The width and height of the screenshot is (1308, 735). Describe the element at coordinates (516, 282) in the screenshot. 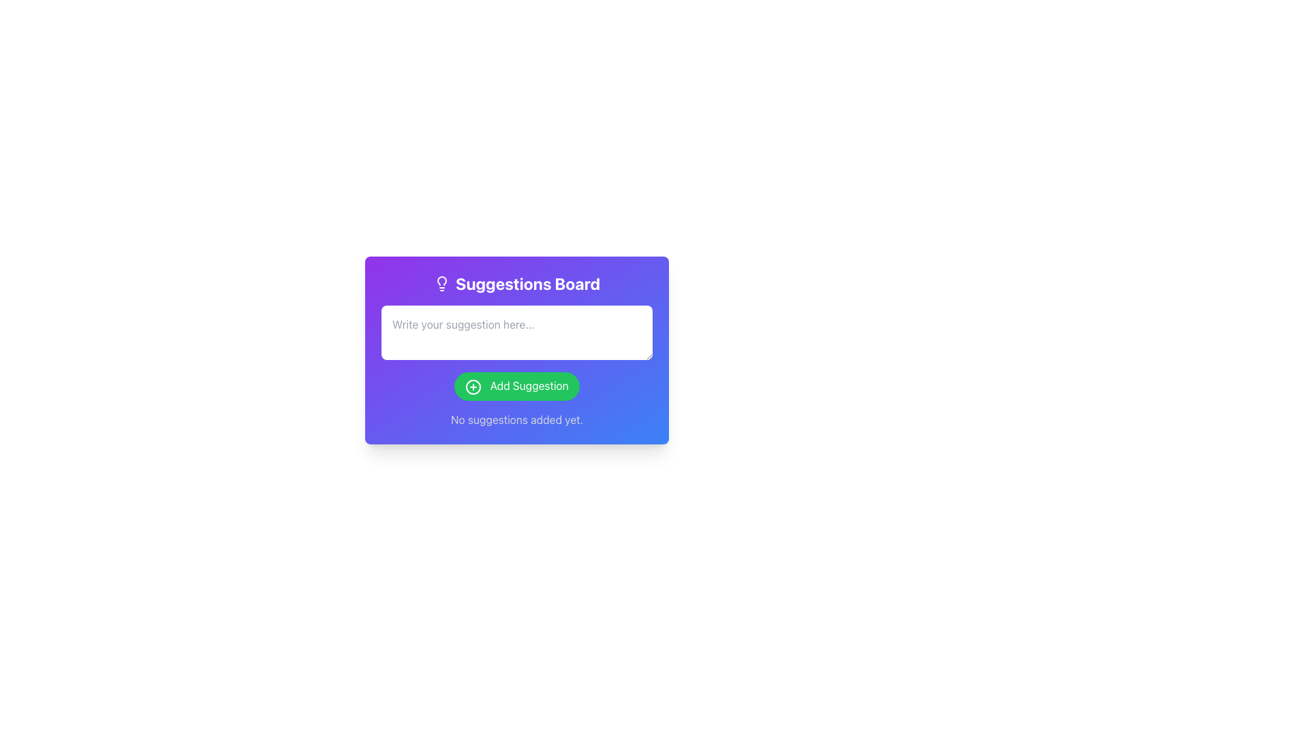

I see `the Header text with an icon that serves as the title for the suggestions board interface to emphasize it` at that location.